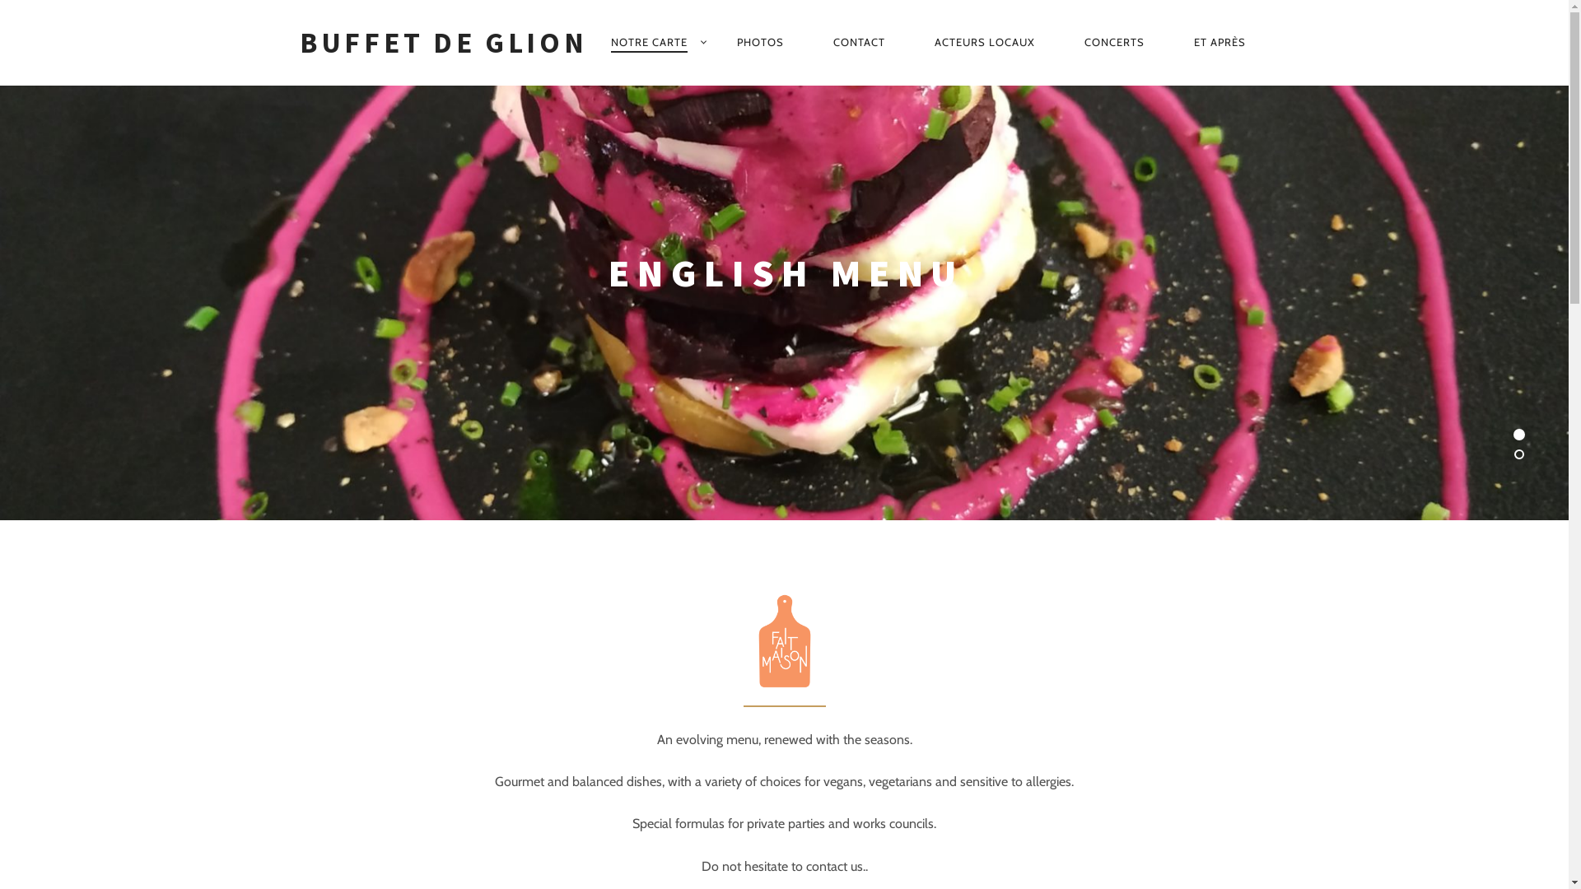  What do you see at coordinates (984, 40) in the screenshot?
I see `'ACTEURS LOCAUX'` at bounding box center [984, 40].